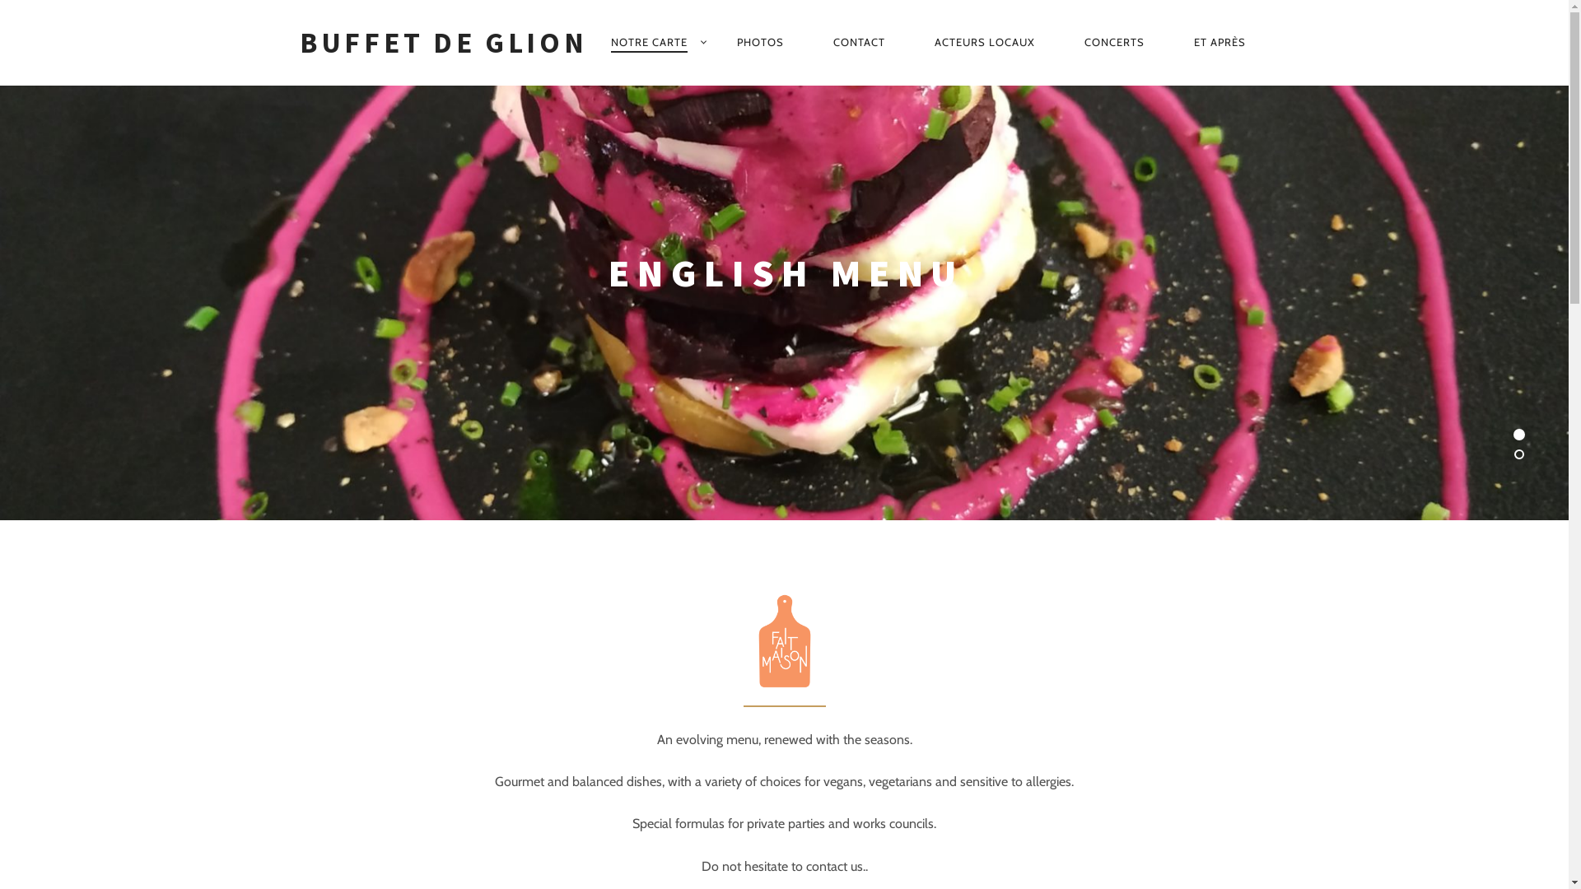  What do you see at coordinates (984, 40) in the screenshot?
I see `'ACTEURS LOCAUX'` at bounding box center [984, 40].